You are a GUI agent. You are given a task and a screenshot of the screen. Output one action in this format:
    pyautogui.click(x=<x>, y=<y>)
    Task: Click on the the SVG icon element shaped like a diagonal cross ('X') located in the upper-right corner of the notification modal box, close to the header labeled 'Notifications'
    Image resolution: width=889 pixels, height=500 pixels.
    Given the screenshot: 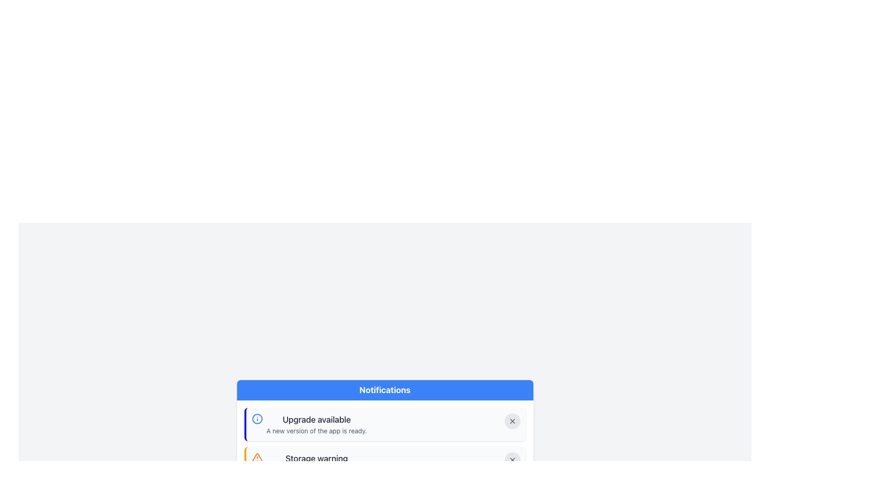 What is the action you would take?
    pyautogui.click(x=512, y=460)
    